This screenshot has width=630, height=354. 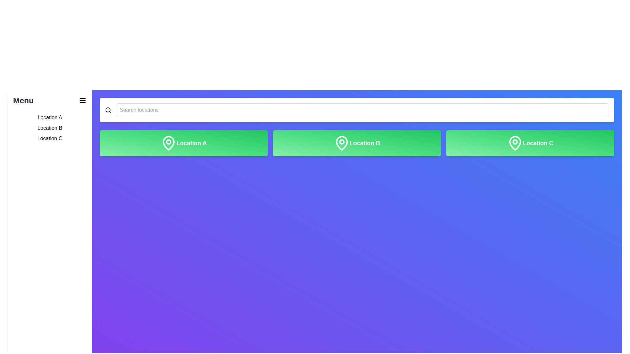 What do you see at coordinates (514, 141) in the screenshot?
I see `properties of the graphical icon, which is a circular shape within a location marker icon located to the right of a series of green rectangular buttons at the top of the interface` at bounding box center [514, 141].